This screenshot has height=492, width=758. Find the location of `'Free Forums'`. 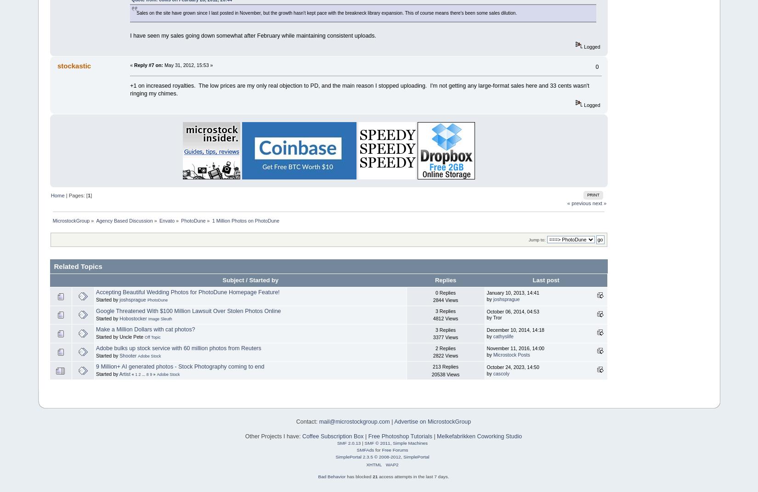

'Free Forums' is located at coordinates (381, 449).